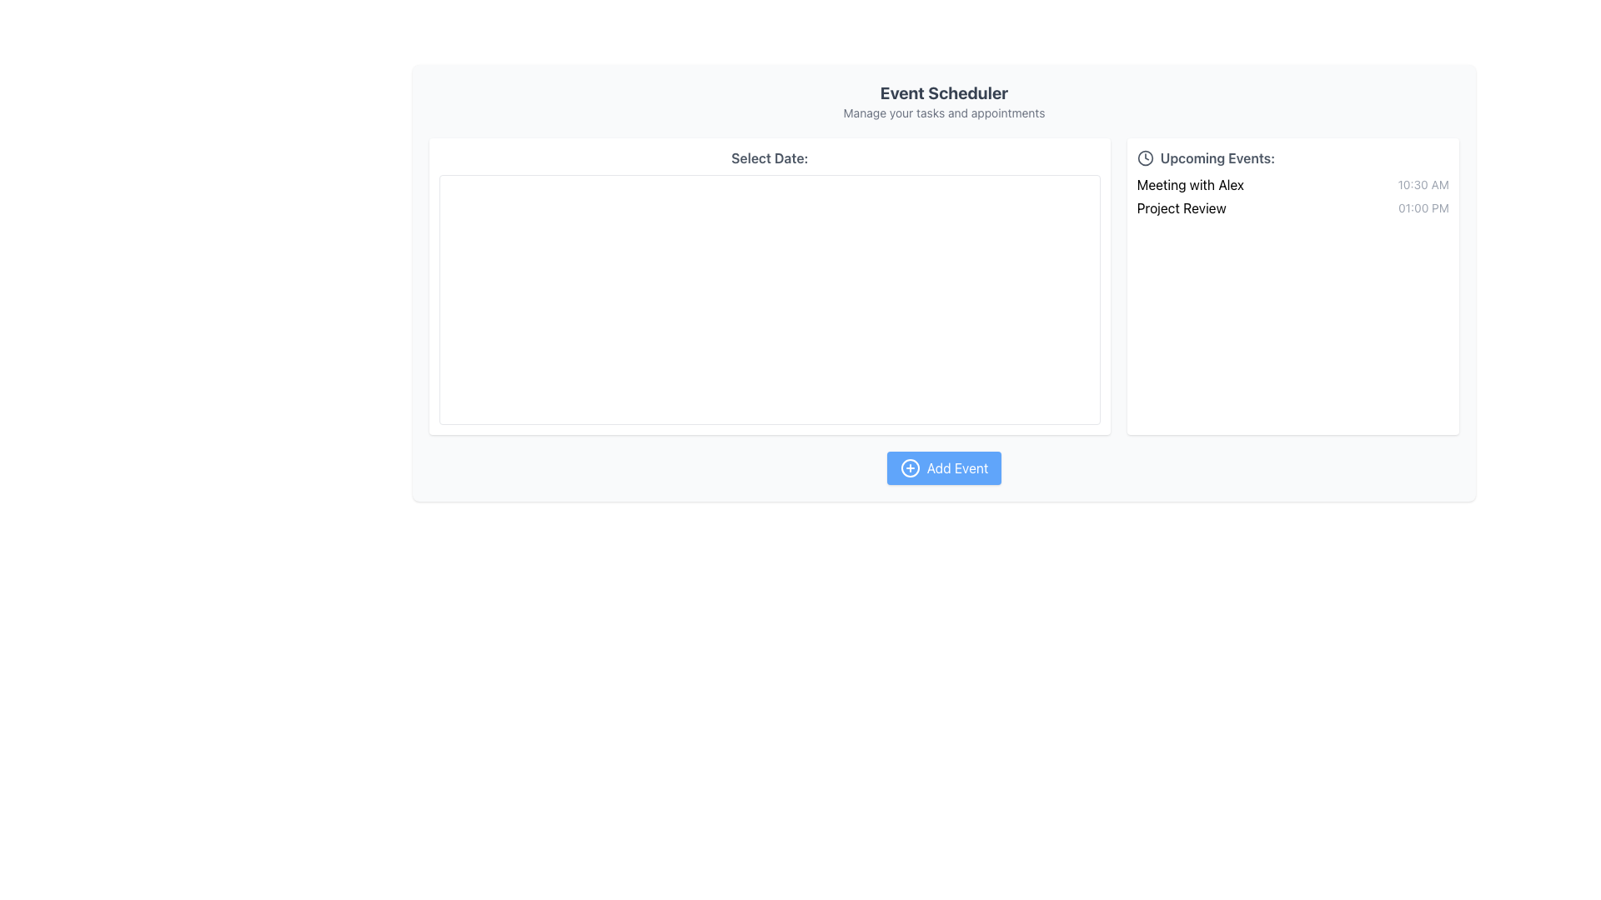 The height and width of the screenshot is (900, 1601). I want to click on the decorative clock icon represented by the circular SVG graphic located in the upper-right section of the UI within the 'Upcoming Events' panel, so click(1144, 157).